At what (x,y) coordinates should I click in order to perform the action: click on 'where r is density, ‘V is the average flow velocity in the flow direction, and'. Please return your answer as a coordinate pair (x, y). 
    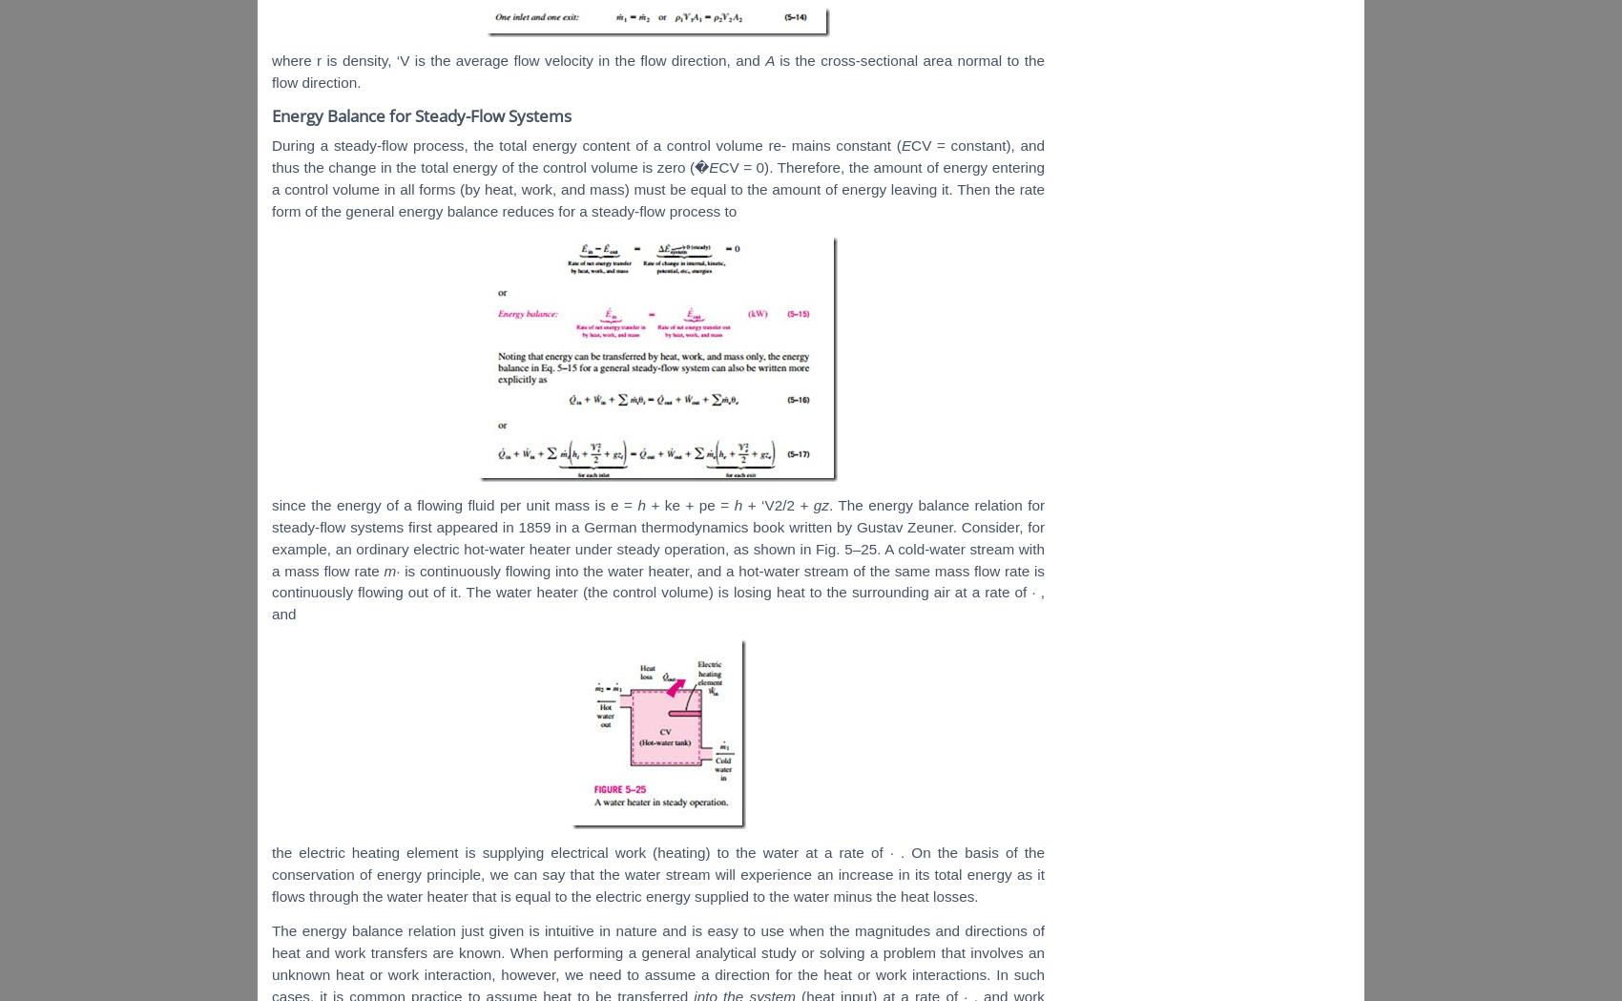
    Looking at the image, I should click on (271, 59).